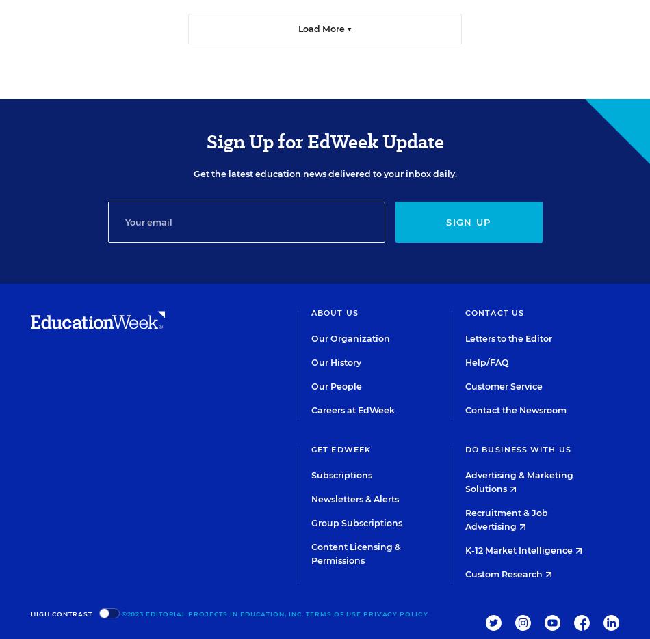  What do you see at coordinates (337, 386) in the screenshot?
I see `'Our People'` at bounding box center [337, 386].